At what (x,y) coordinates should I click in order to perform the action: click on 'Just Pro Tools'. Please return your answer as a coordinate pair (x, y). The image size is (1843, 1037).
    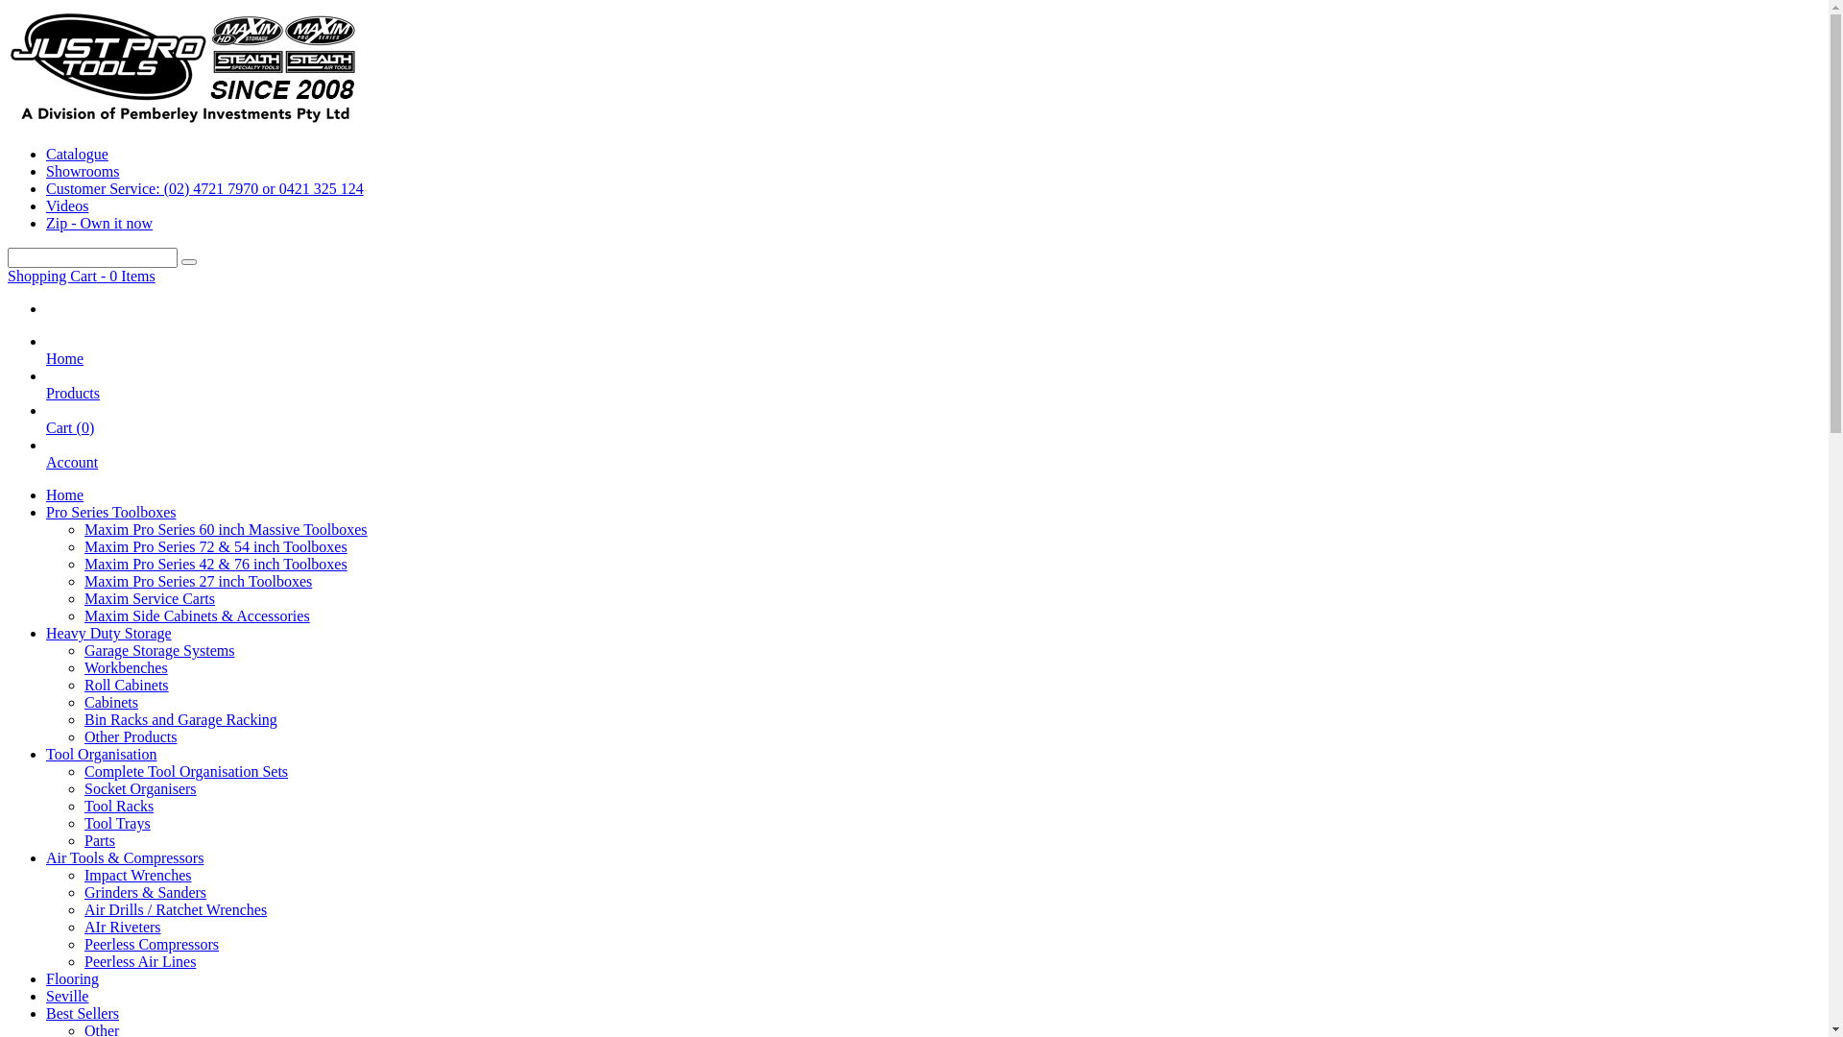
    Looking at the image, I should click on (184, 121).